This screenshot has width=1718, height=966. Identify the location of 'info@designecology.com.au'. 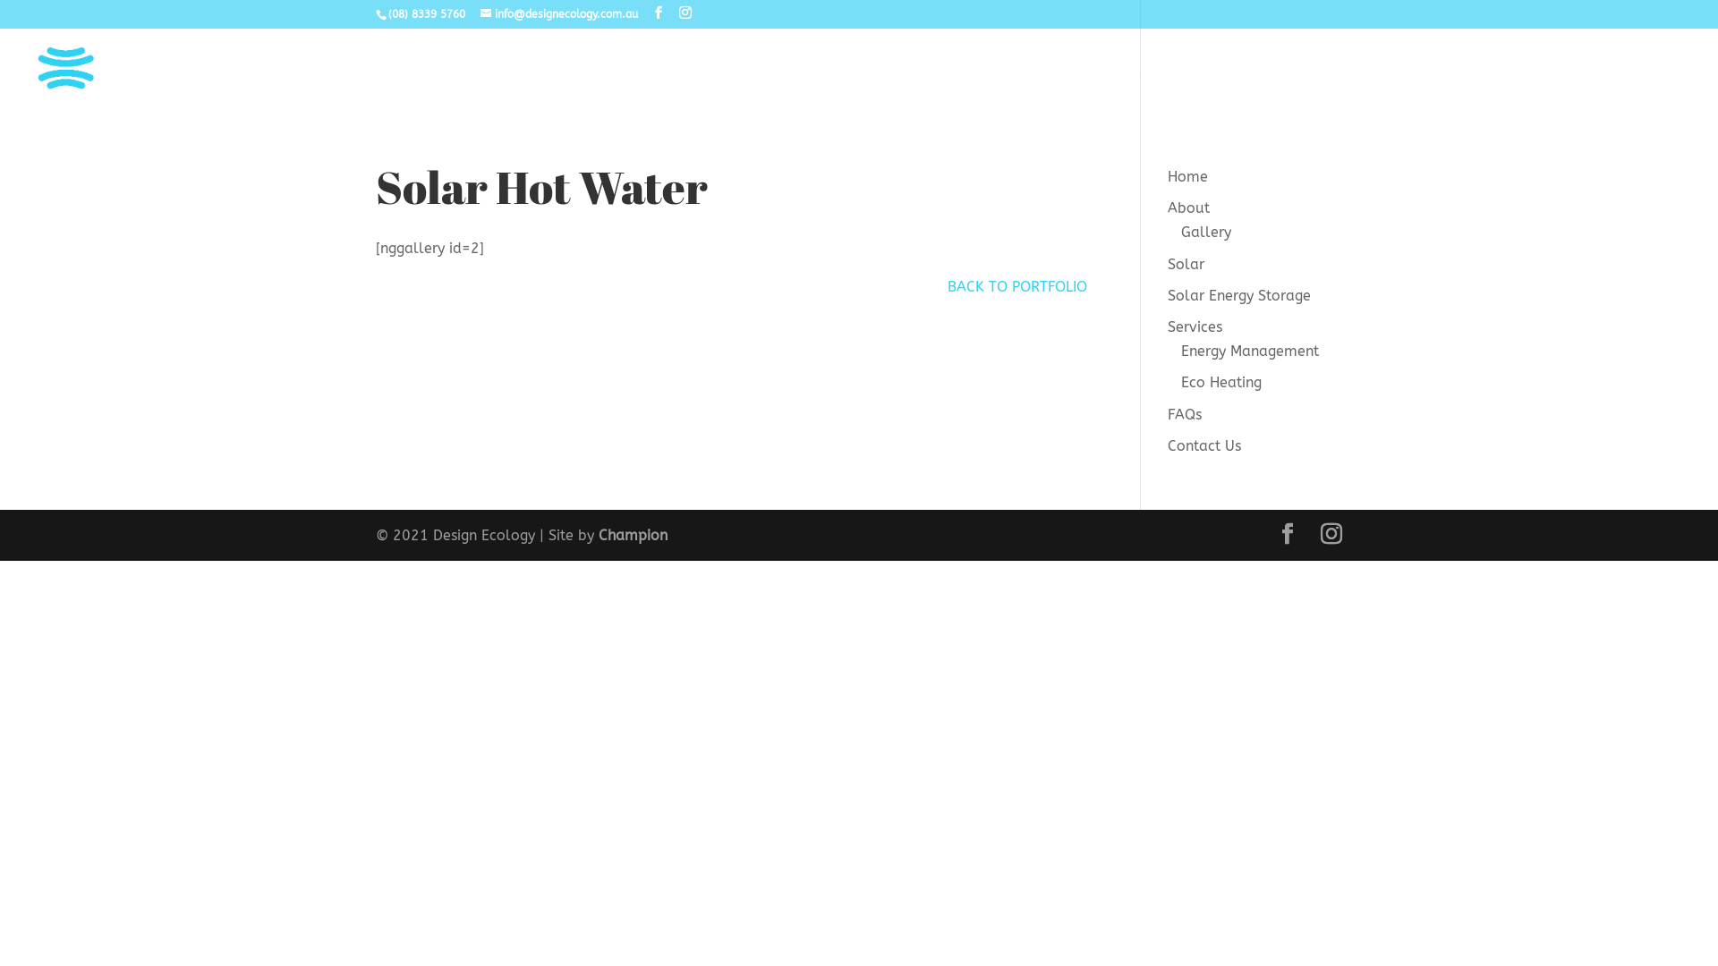
(557, 13).